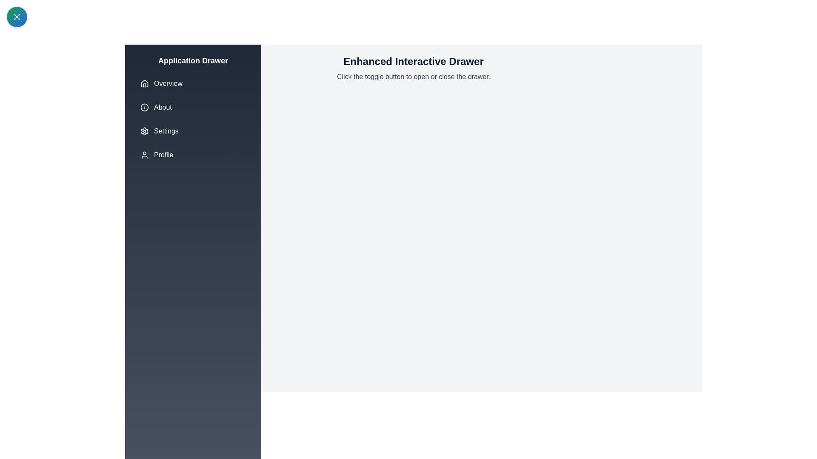 Image resolution: width=817 pixels, height=459 pixels. I want to click on the icon associated with the menu item Profile, so click(145, 155).